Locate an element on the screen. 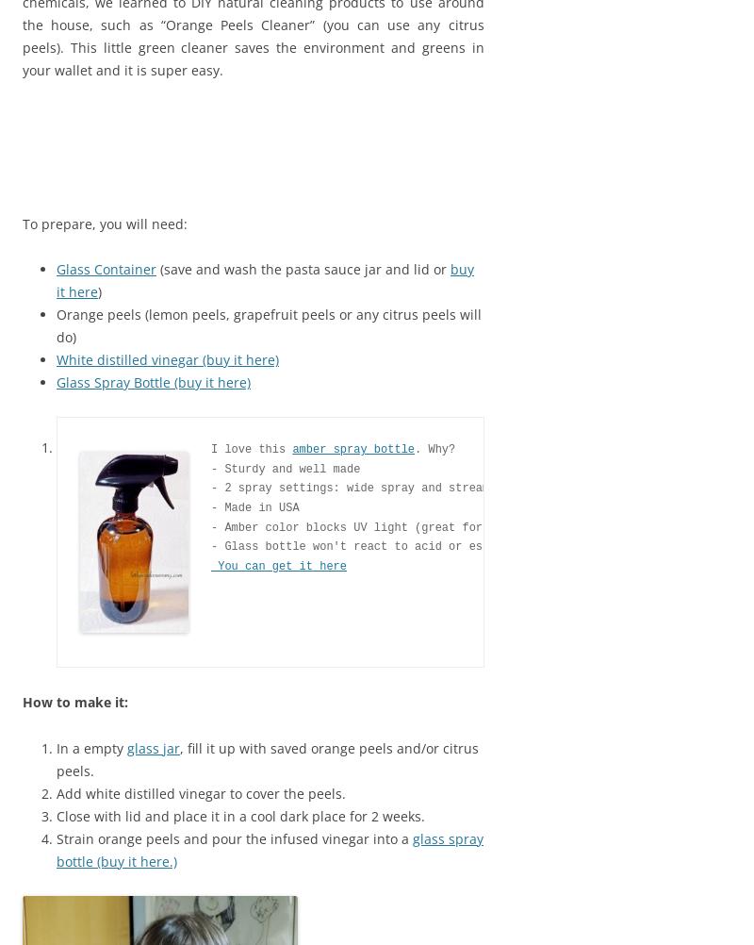 Image resolution: width=754 pixels, height=945 pixels. '. Why?
- Sturdy and well made
- 2 spray settings: wide spray and stream
- Made in USA 
- Amber color blocks UV light (great for essential oil cleaners) 
- Glass bottle won't react to acid or essential oils' is located at coordinates (211, 498).